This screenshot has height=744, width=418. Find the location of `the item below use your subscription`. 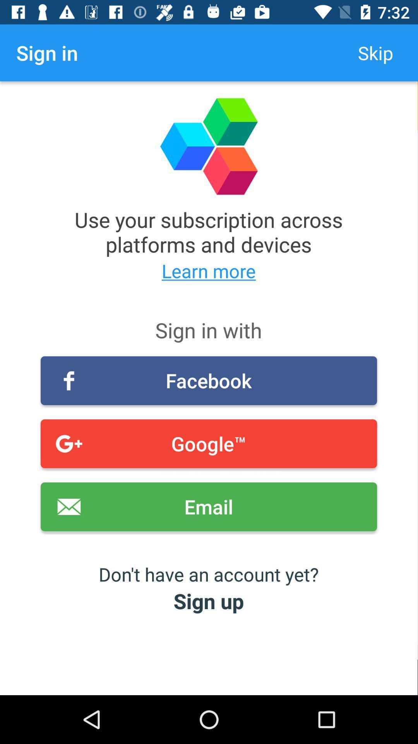

the item below use your subscription is located at coordinates (208, 271).